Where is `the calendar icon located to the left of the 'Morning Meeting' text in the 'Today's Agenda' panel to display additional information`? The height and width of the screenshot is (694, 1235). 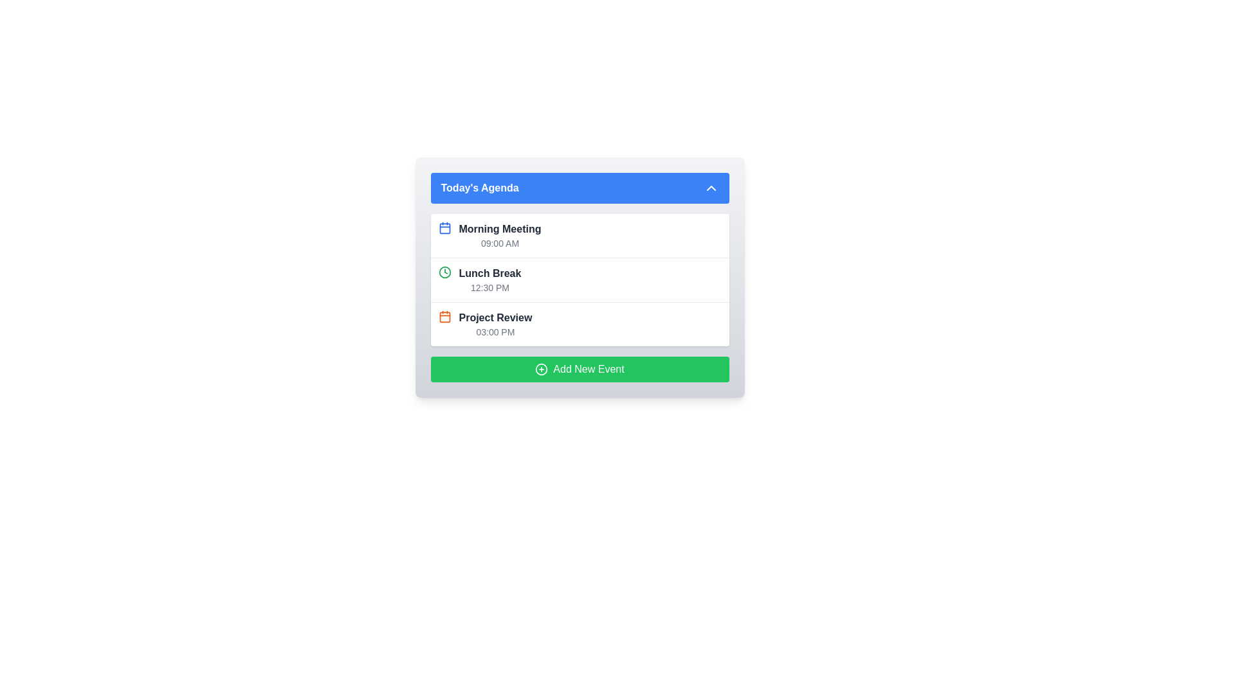 the calendar icon located to the left of the 'Morning Meeting' text in the 'Today's Agenda' panel to display additional information is located at coordinates (444, 235).